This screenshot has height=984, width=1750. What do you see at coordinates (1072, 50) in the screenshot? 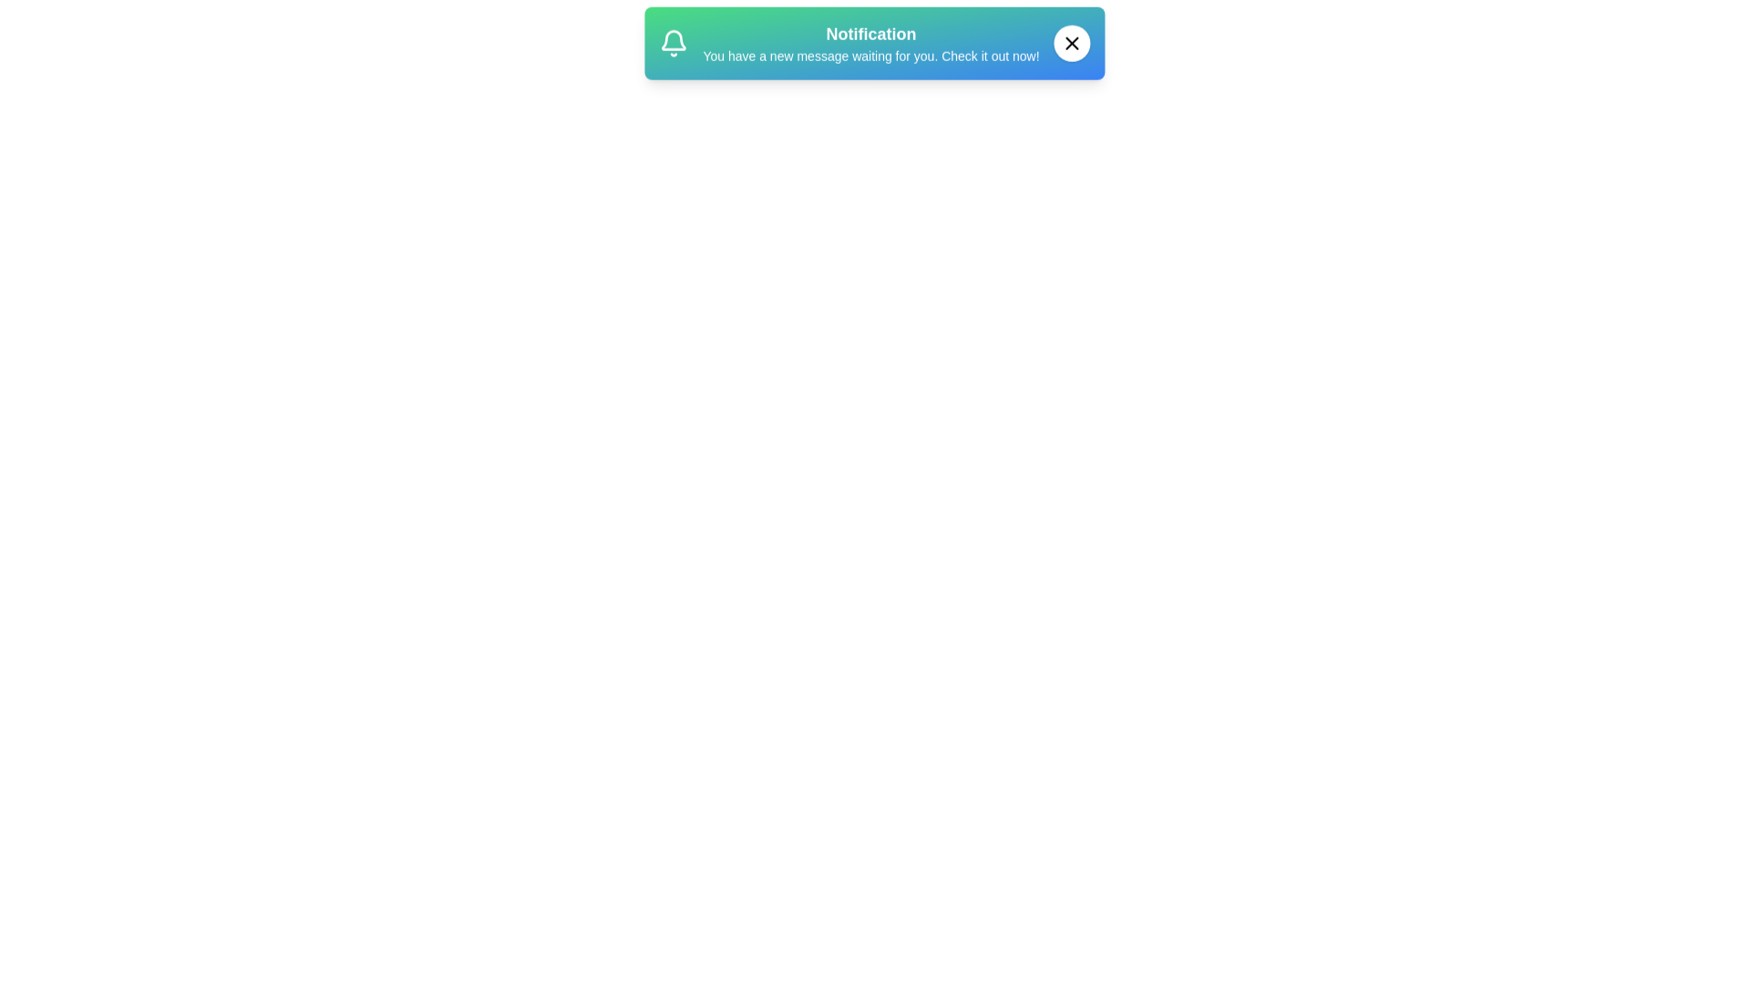
I see `the close button to dismiss the snackbar` at bounding box center [1072, 50].